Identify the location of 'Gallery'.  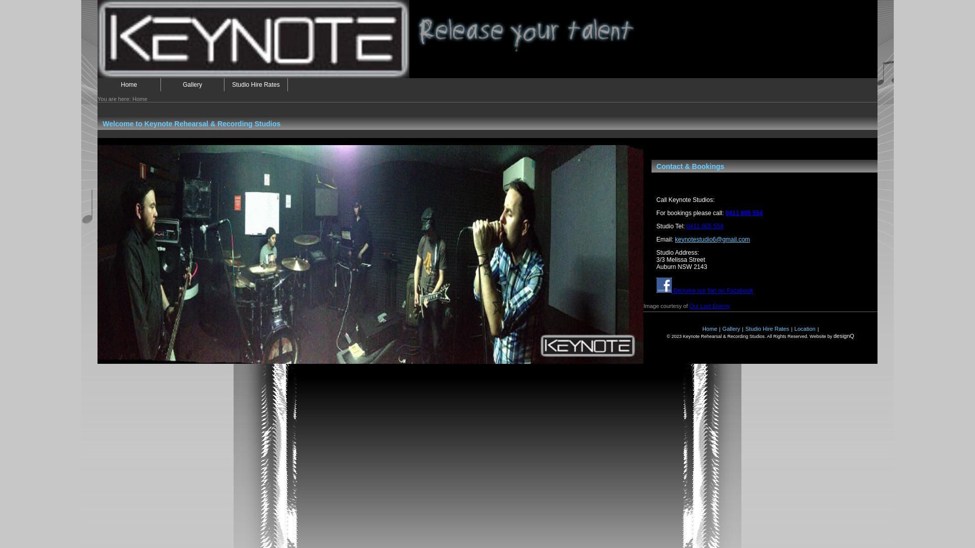
(192, 84).